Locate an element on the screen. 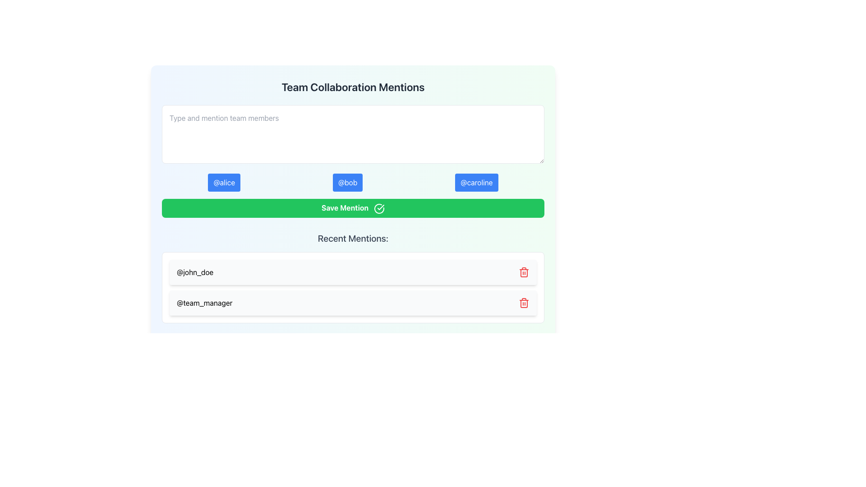  the button with the white text '@bob' on a blue background, which is the middle button in a group of three horizontally arranged buttons is located at coordinates (347, 183).